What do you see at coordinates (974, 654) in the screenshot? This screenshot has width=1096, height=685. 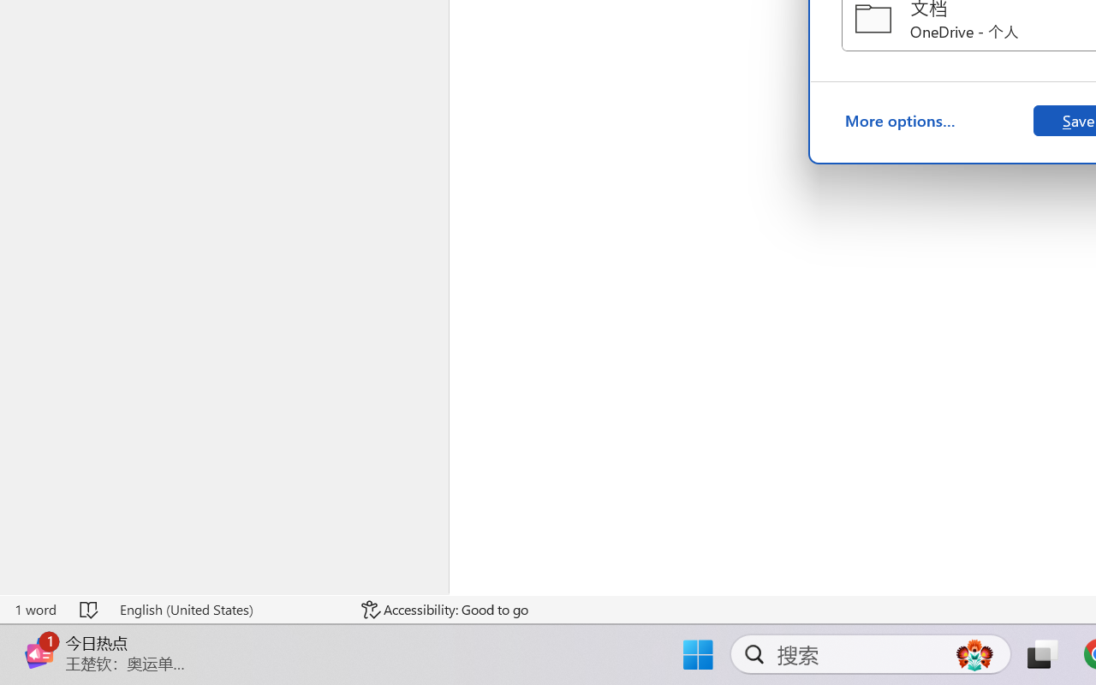 I see `'AutomationID: DynamicSearchBoxGleamImage'` at bounding box center [974, 654].